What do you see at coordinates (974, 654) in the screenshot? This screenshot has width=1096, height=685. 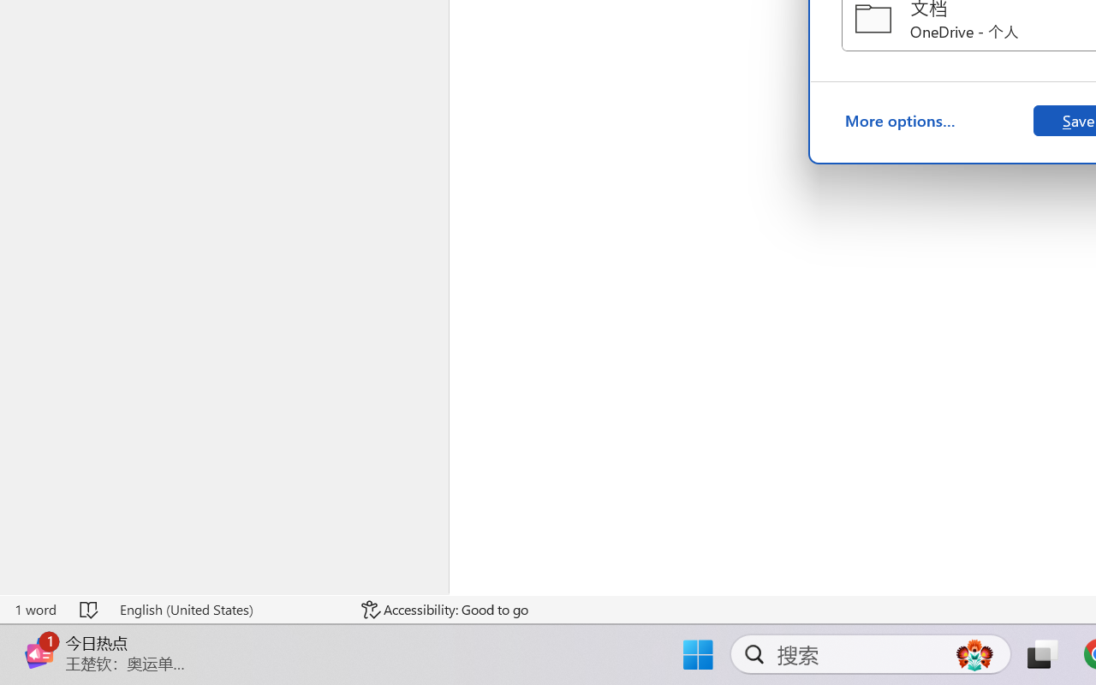 I see `'AutomationID: DynamicSearchBoxGleamImage'` at bounding box center [974, 654].